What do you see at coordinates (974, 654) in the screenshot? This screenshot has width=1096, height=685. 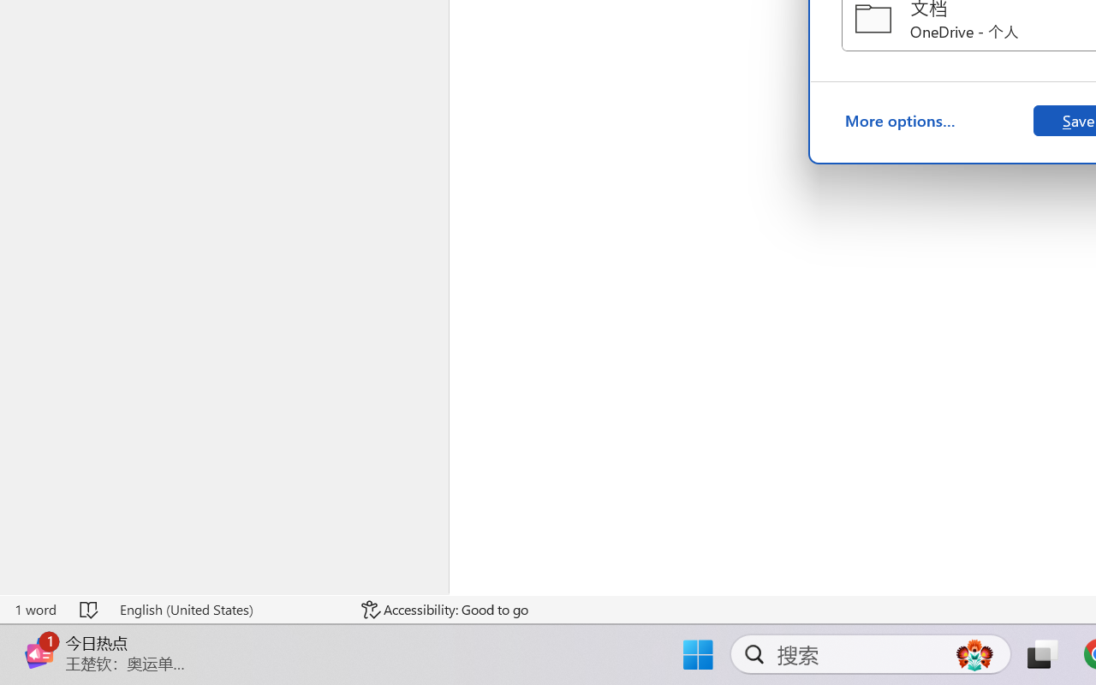 I see `'AutomationID: DynamicSearchBoxGleamImage'` at bounding box center [974, 654].